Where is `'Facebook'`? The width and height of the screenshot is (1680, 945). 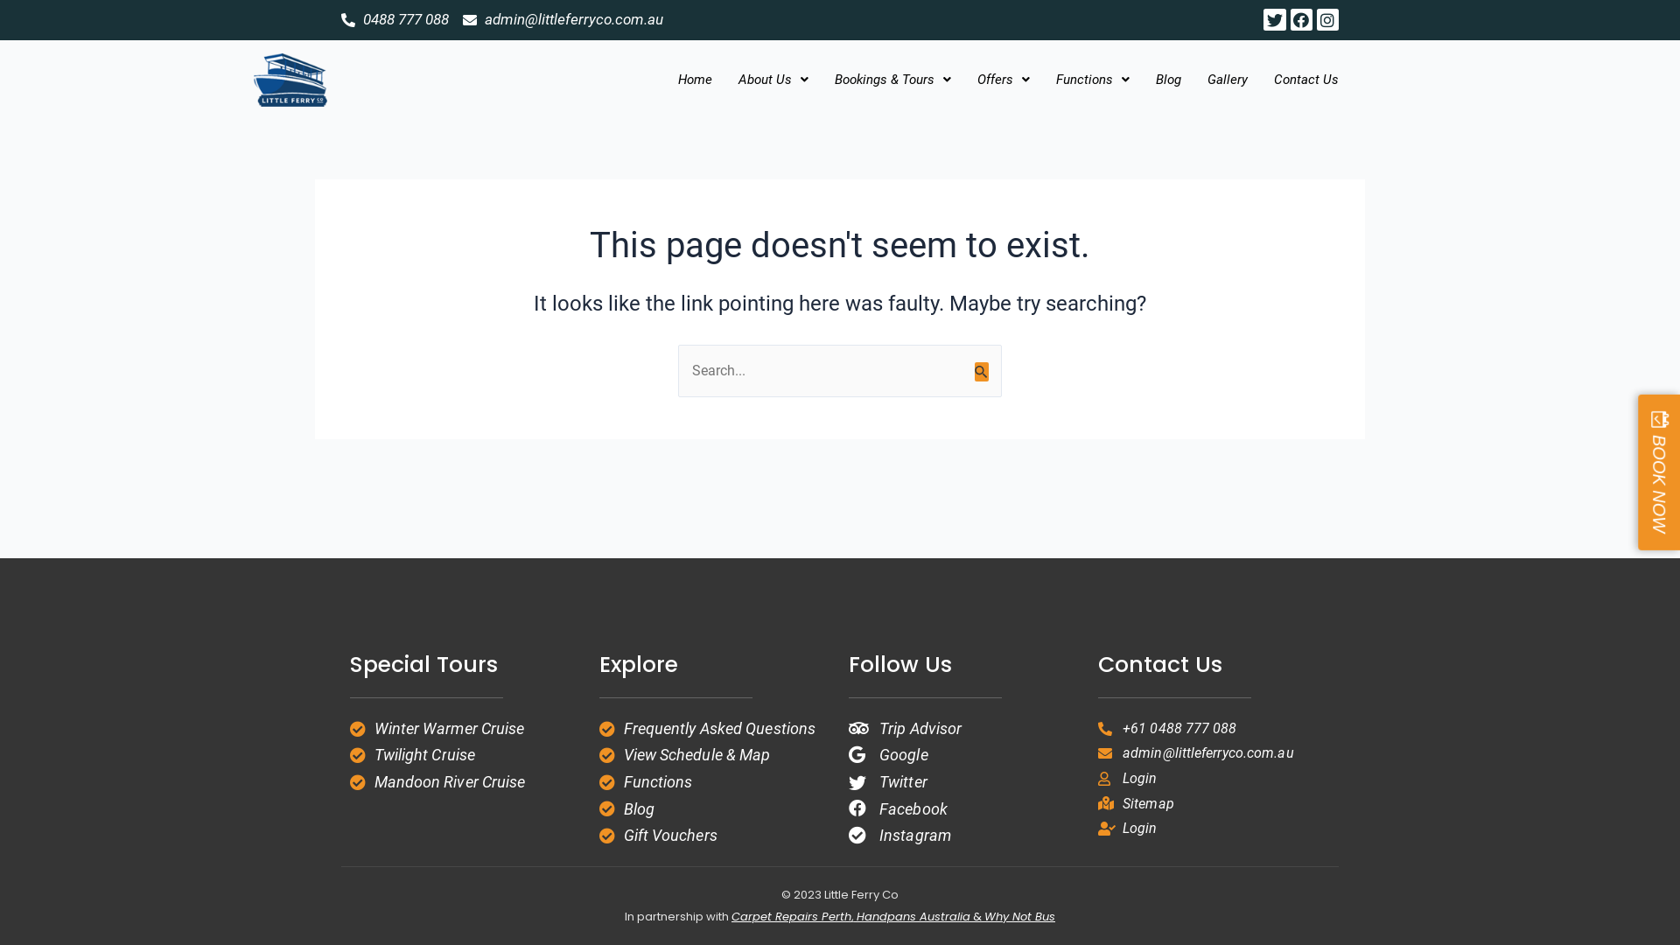 'Facebook' is located at coordinates (848, 809).